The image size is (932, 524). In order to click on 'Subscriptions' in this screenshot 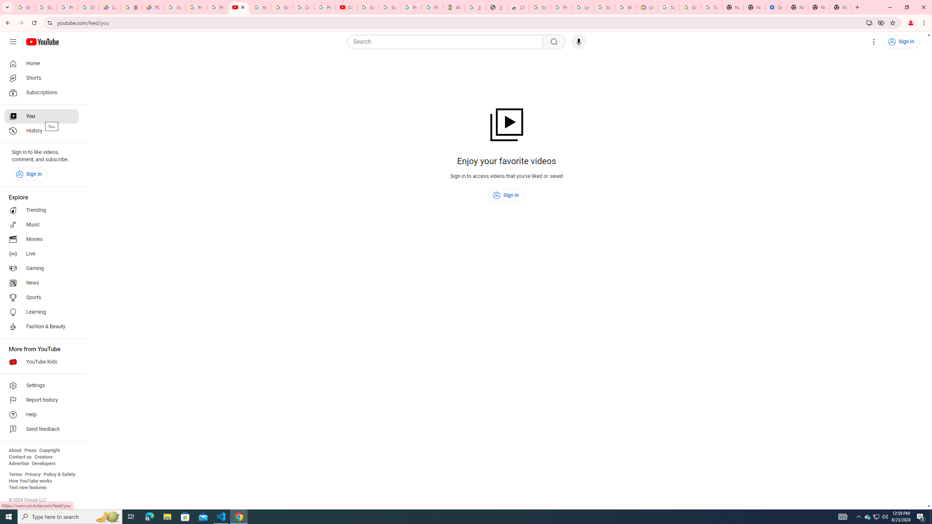, I will do `click(41, 92)`.